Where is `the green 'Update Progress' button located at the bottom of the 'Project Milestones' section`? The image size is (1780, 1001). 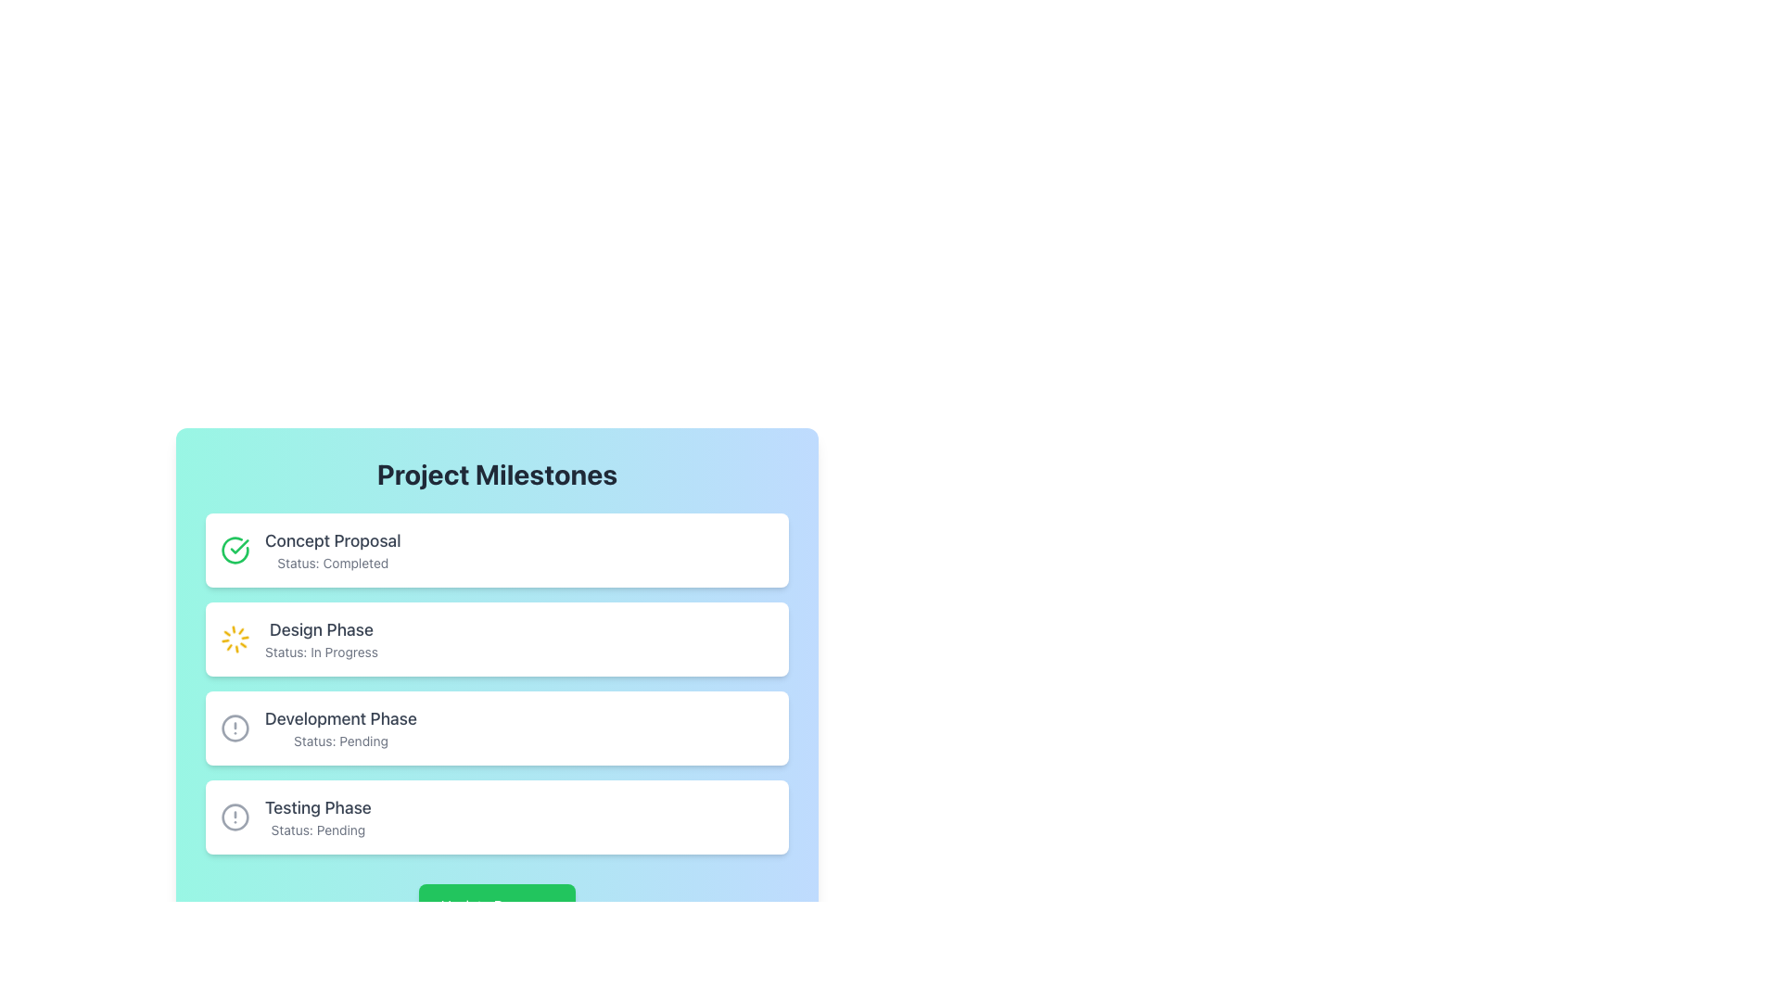 the green 'Update Progress' button located at the bottom of the 'Project Milestones' section is located at coordinates (497, 906).